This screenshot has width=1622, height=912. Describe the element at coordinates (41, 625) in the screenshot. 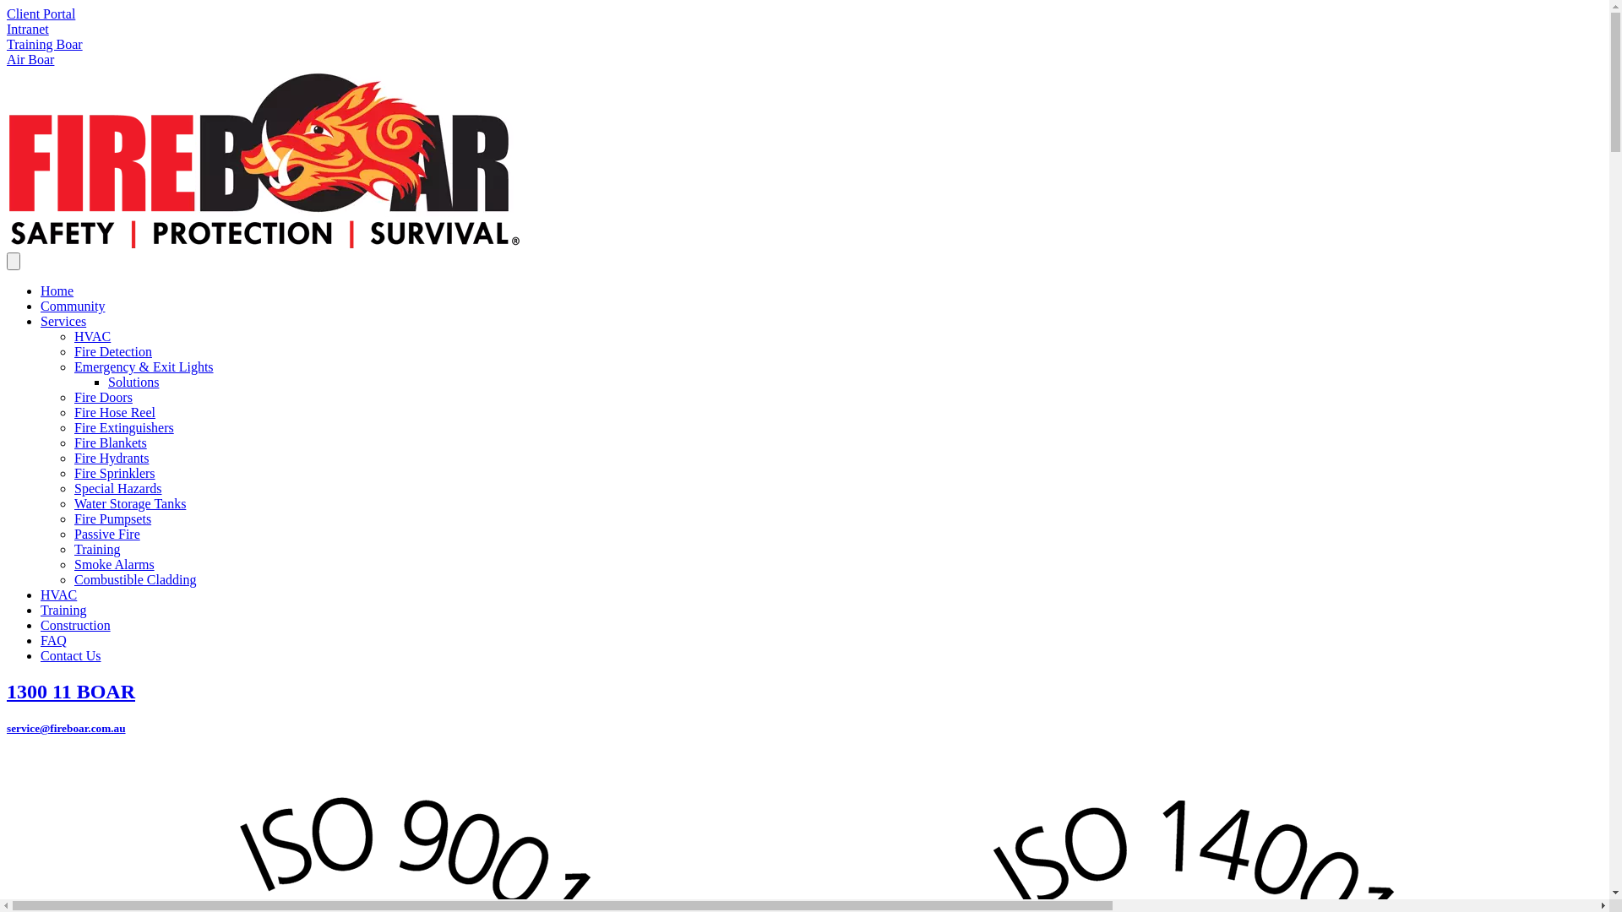

I see `'Construction'` at that location.